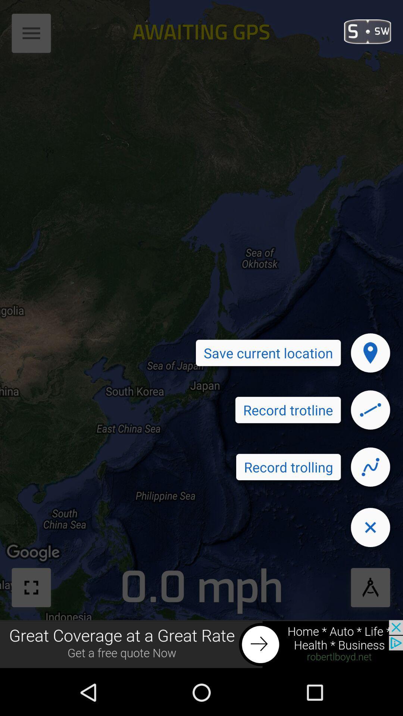 The image size is (403, 716). What do you see at coordinates (31, 35) in the screenshot?
I see `the button which is at the top left corner of the page` at bounding box center [31, 35].